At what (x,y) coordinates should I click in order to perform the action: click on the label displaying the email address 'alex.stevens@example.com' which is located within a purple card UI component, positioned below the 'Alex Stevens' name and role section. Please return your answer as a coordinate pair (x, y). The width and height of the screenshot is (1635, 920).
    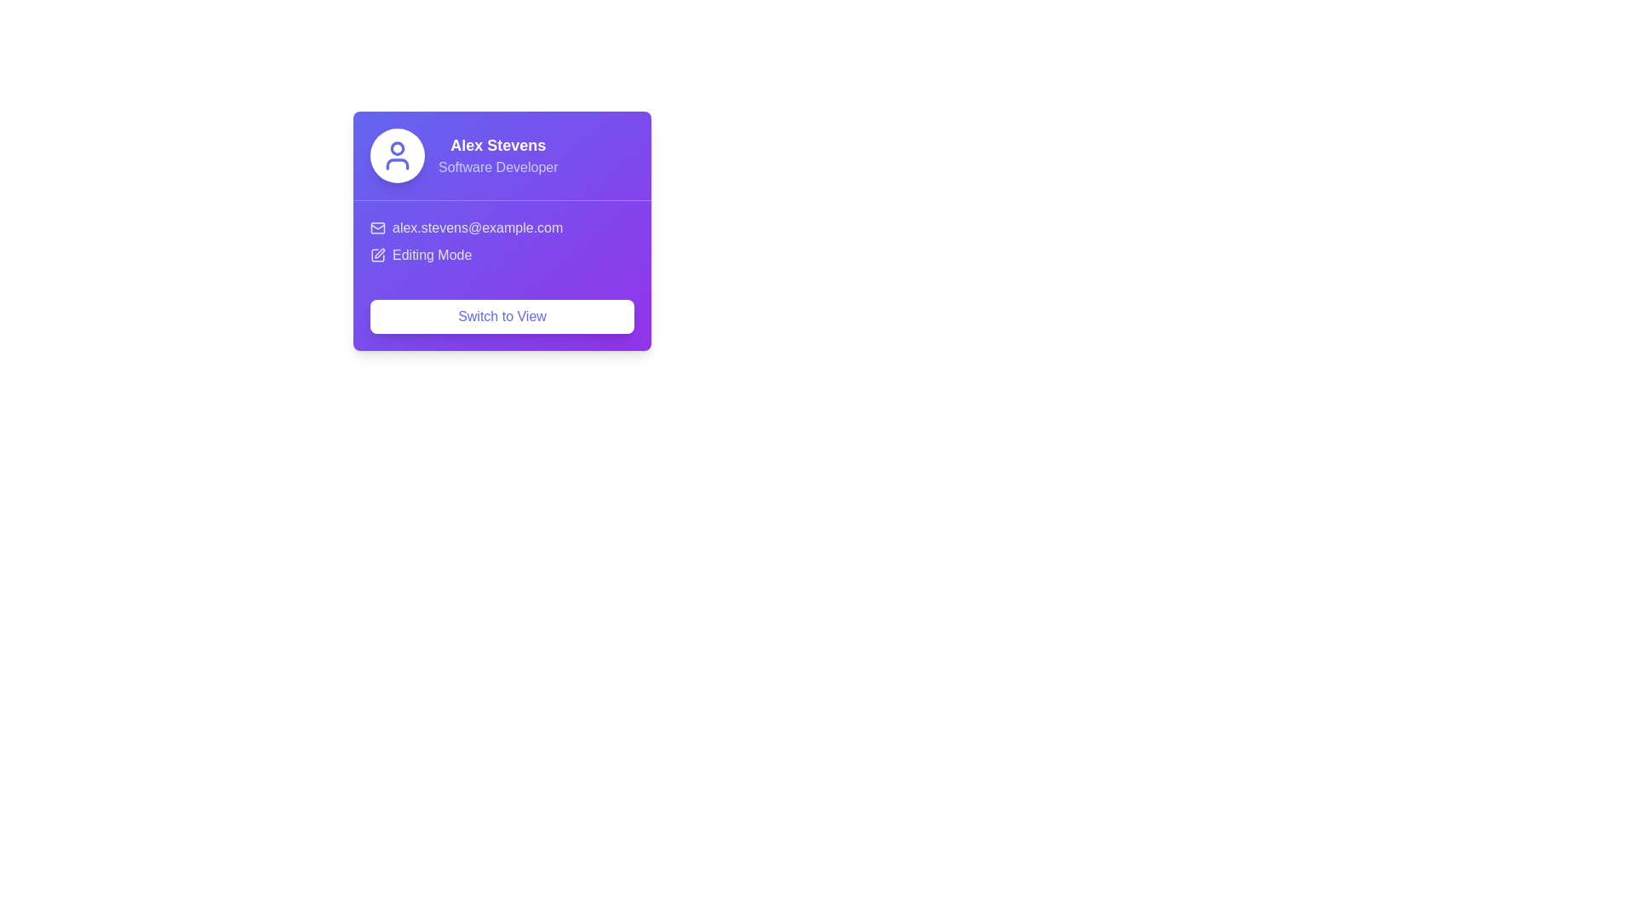
    Looking at the image, I should click on (502, 227).